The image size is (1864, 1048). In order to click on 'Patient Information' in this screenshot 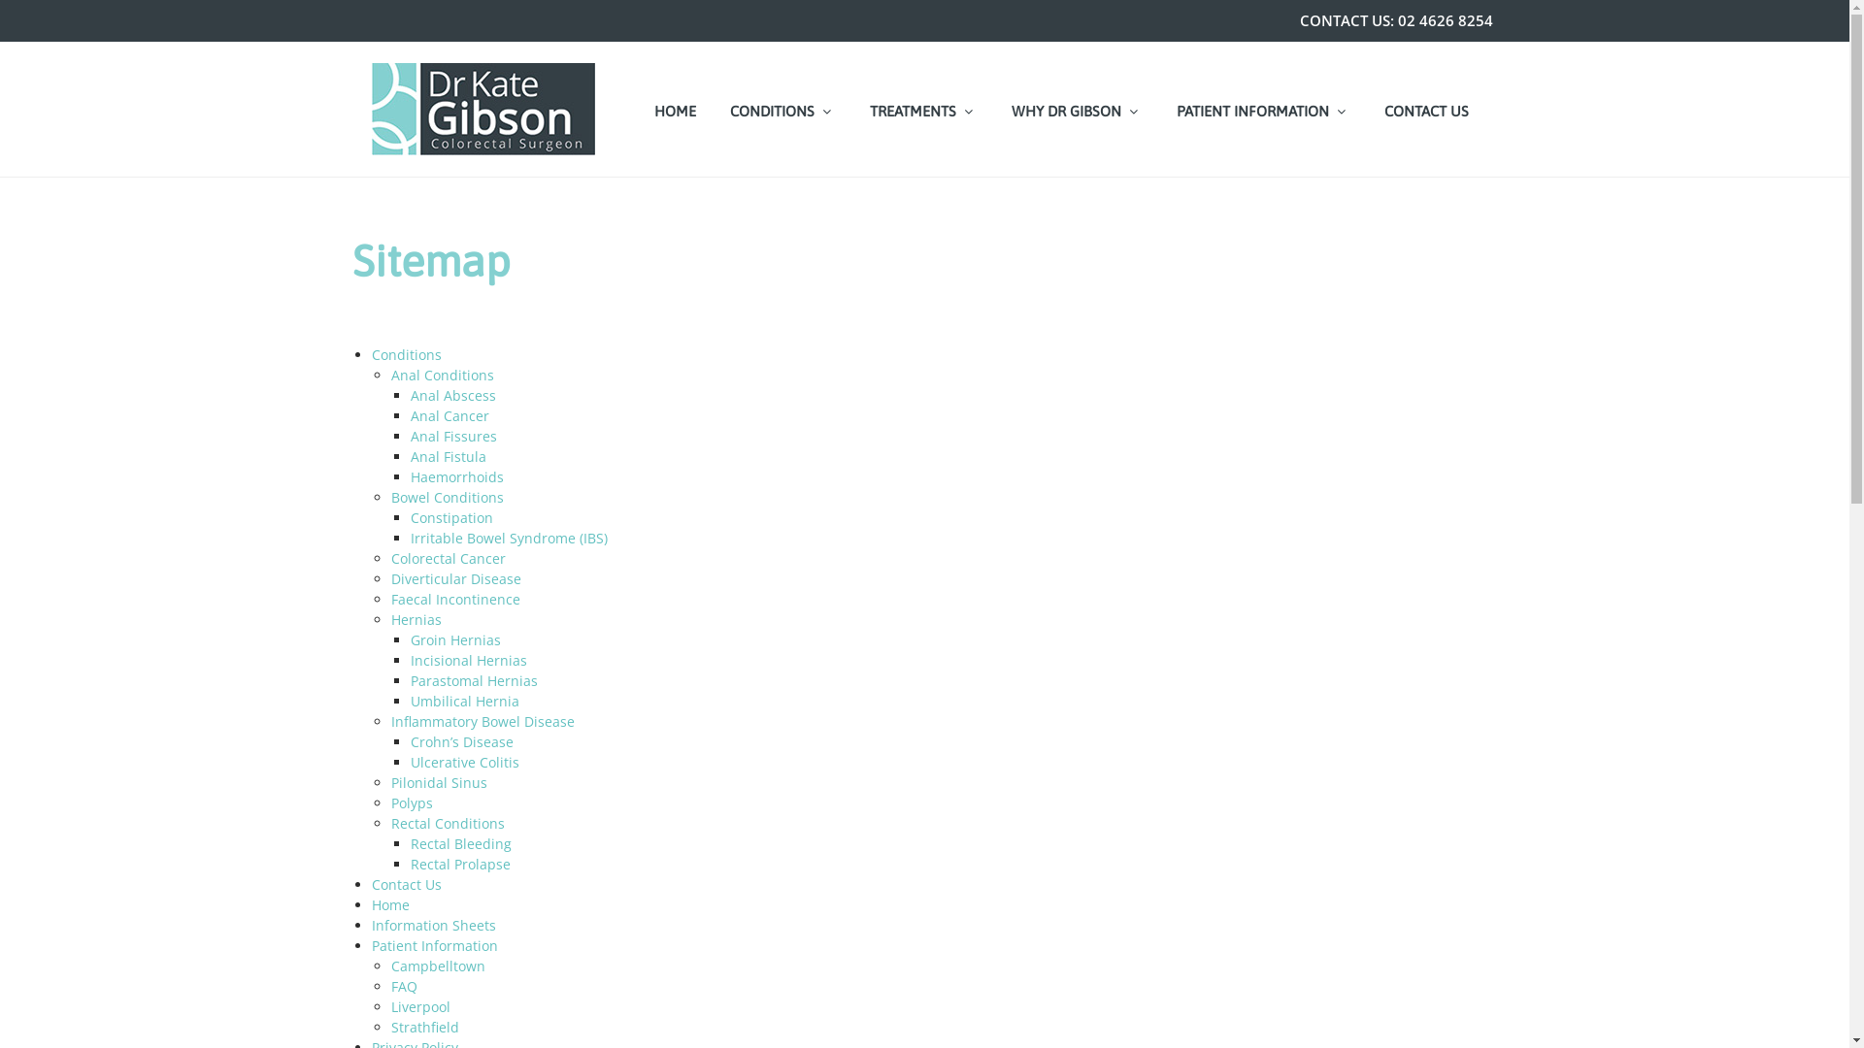, I will do `click(432, 944)`.